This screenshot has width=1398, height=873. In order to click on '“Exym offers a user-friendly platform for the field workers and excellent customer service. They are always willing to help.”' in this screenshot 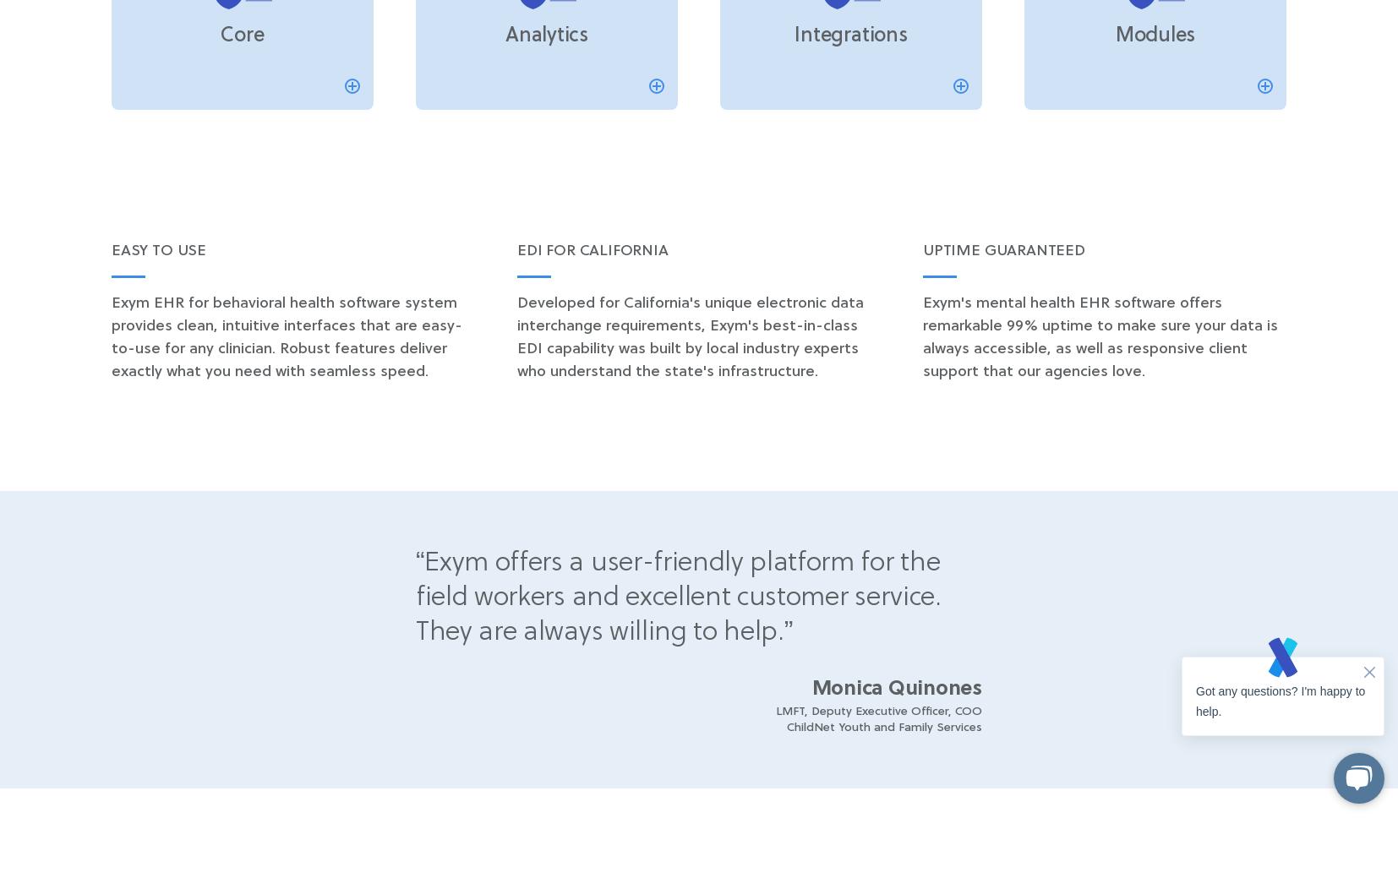, I will do `click(678, 597)`.